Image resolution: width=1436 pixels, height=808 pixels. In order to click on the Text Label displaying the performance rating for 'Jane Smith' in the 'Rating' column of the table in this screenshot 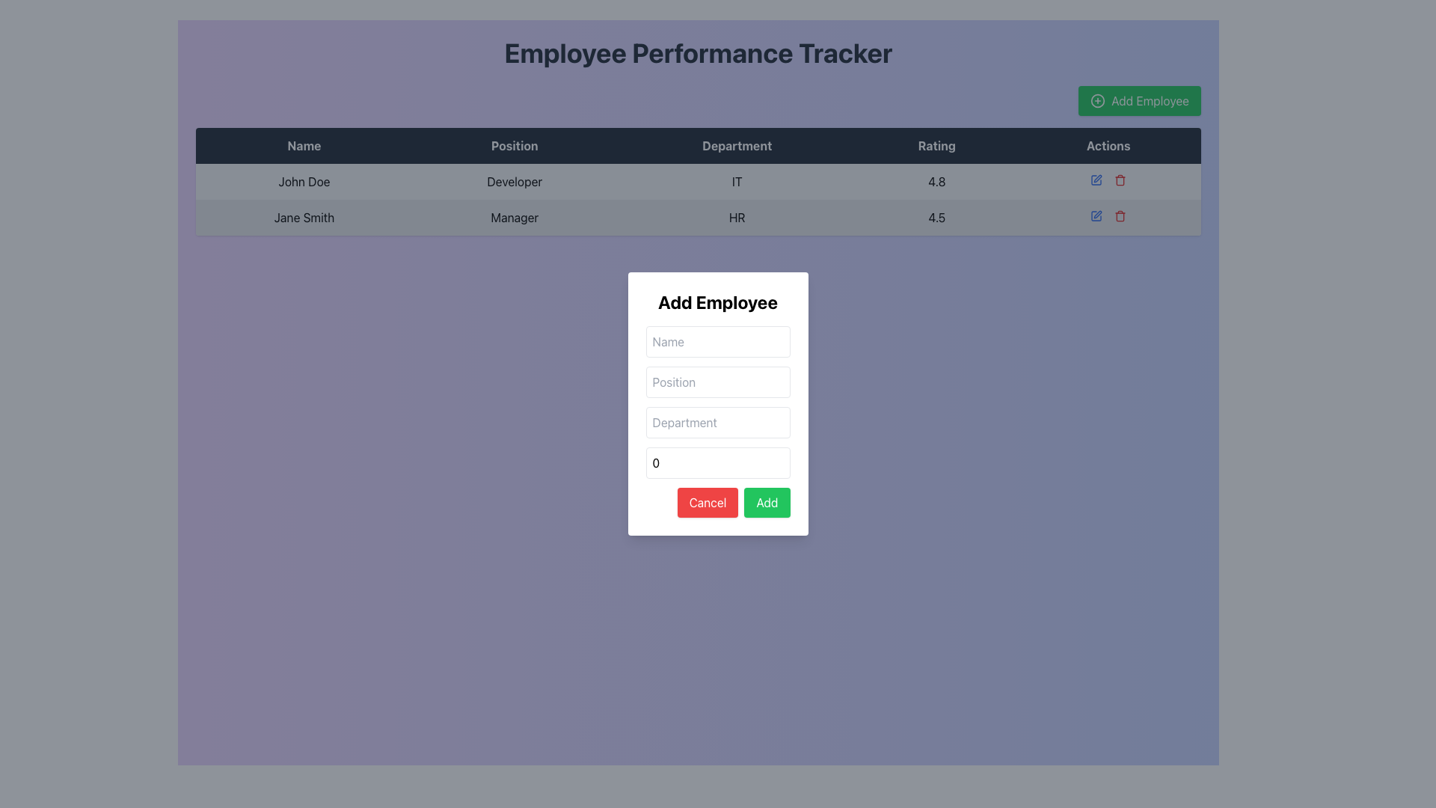, I will do `click(936, 217)`.